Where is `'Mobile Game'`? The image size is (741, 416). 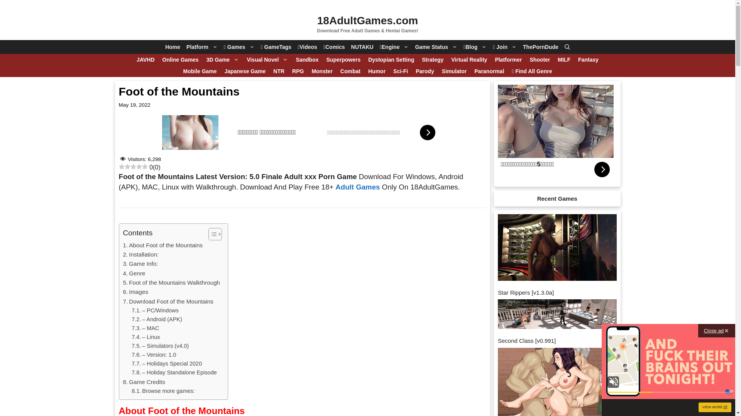 'Mobile Game' is located at coordinates (200, 71).